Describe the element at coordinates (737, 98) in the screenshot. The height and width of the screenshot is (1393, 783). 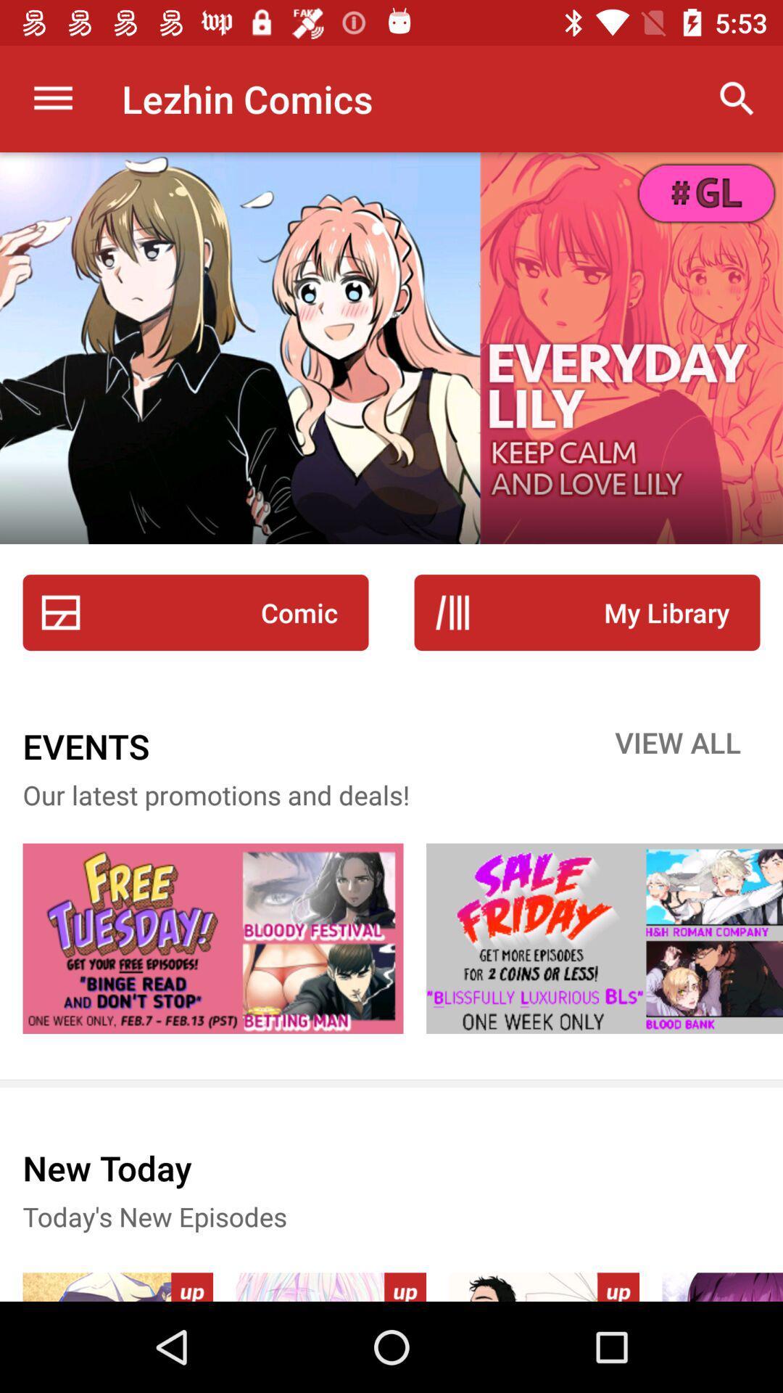
I see `item at the top right corner` at that location.